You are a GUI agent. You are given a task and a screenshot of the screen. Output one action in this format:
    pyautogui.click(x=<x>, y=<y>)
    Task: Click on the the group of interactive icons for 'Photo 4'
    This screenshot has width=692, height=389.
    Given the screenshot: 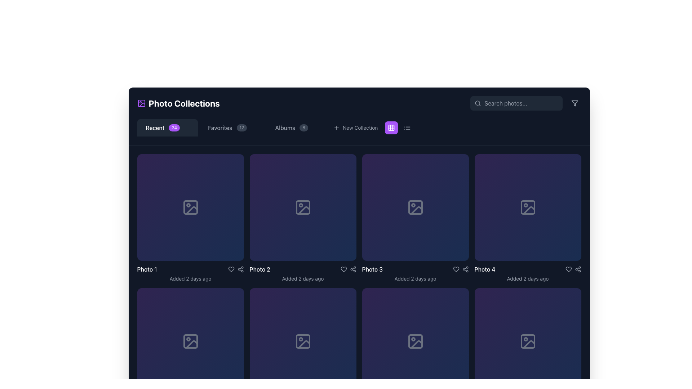 What is the action you would take?
    pyautogui.click(x=573, y=269)
    